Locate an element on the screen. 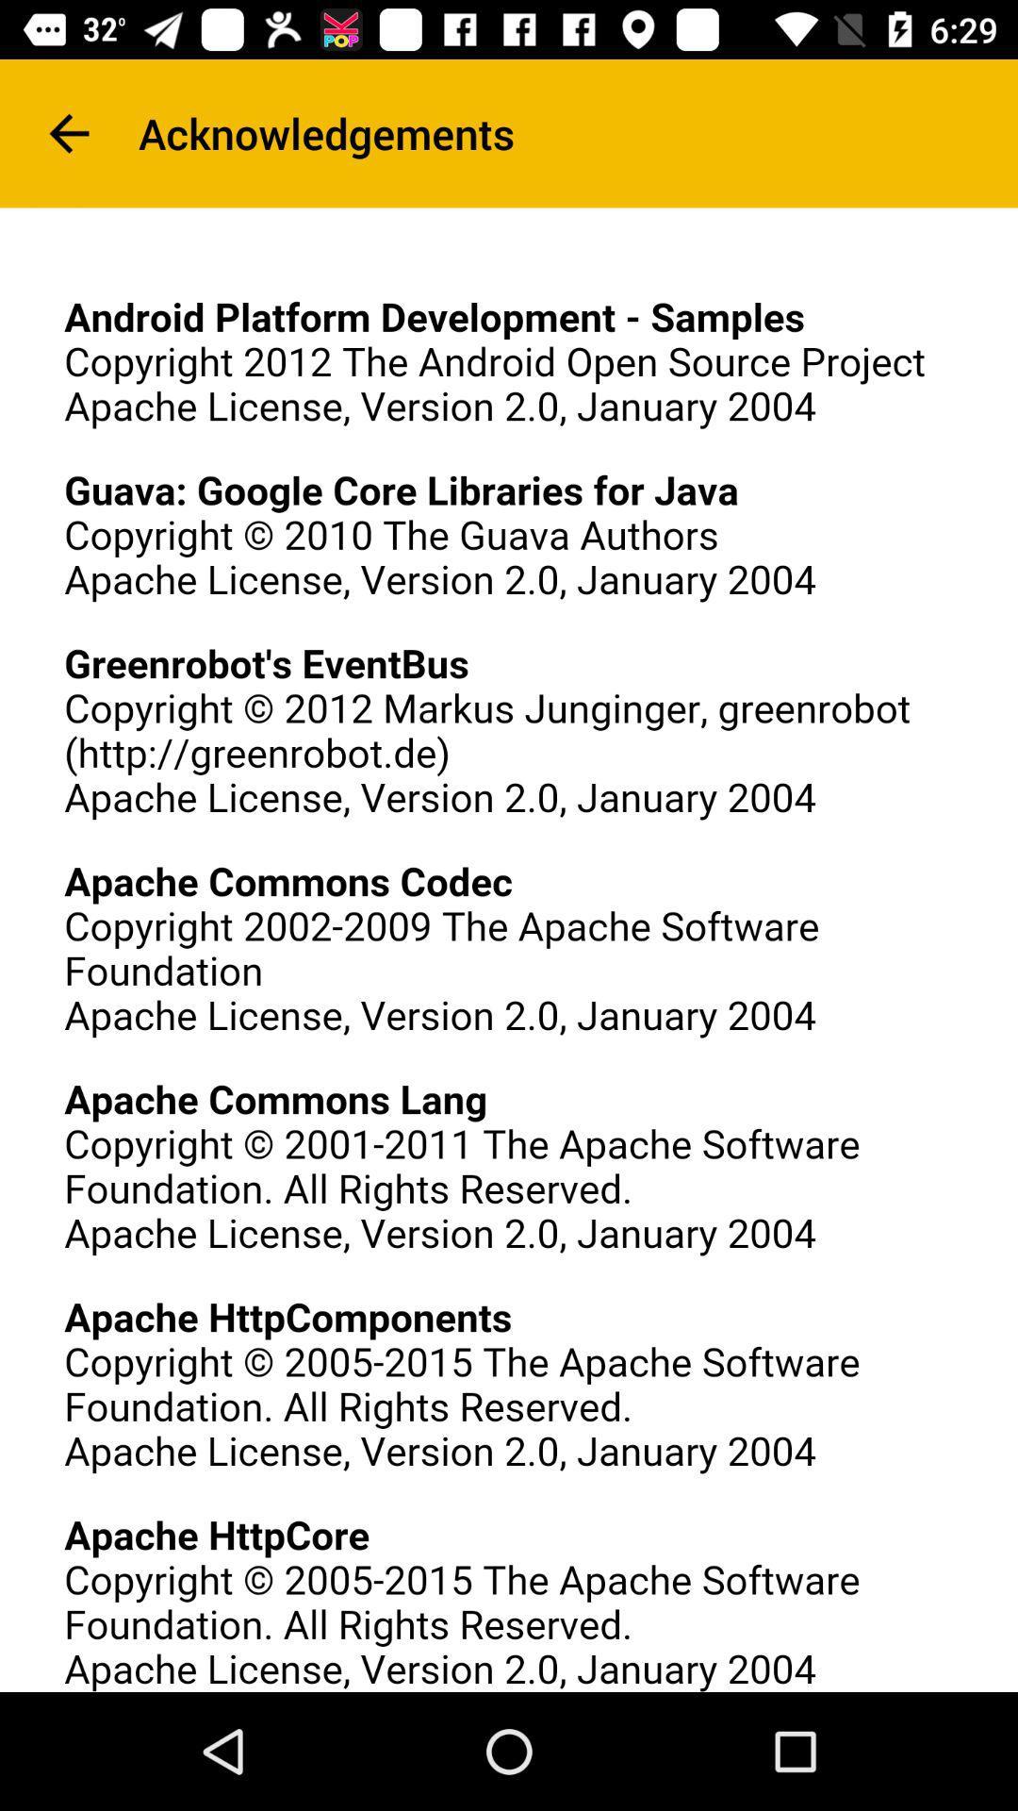  item next to acknowledgements item is located at coordinates (68, 132).